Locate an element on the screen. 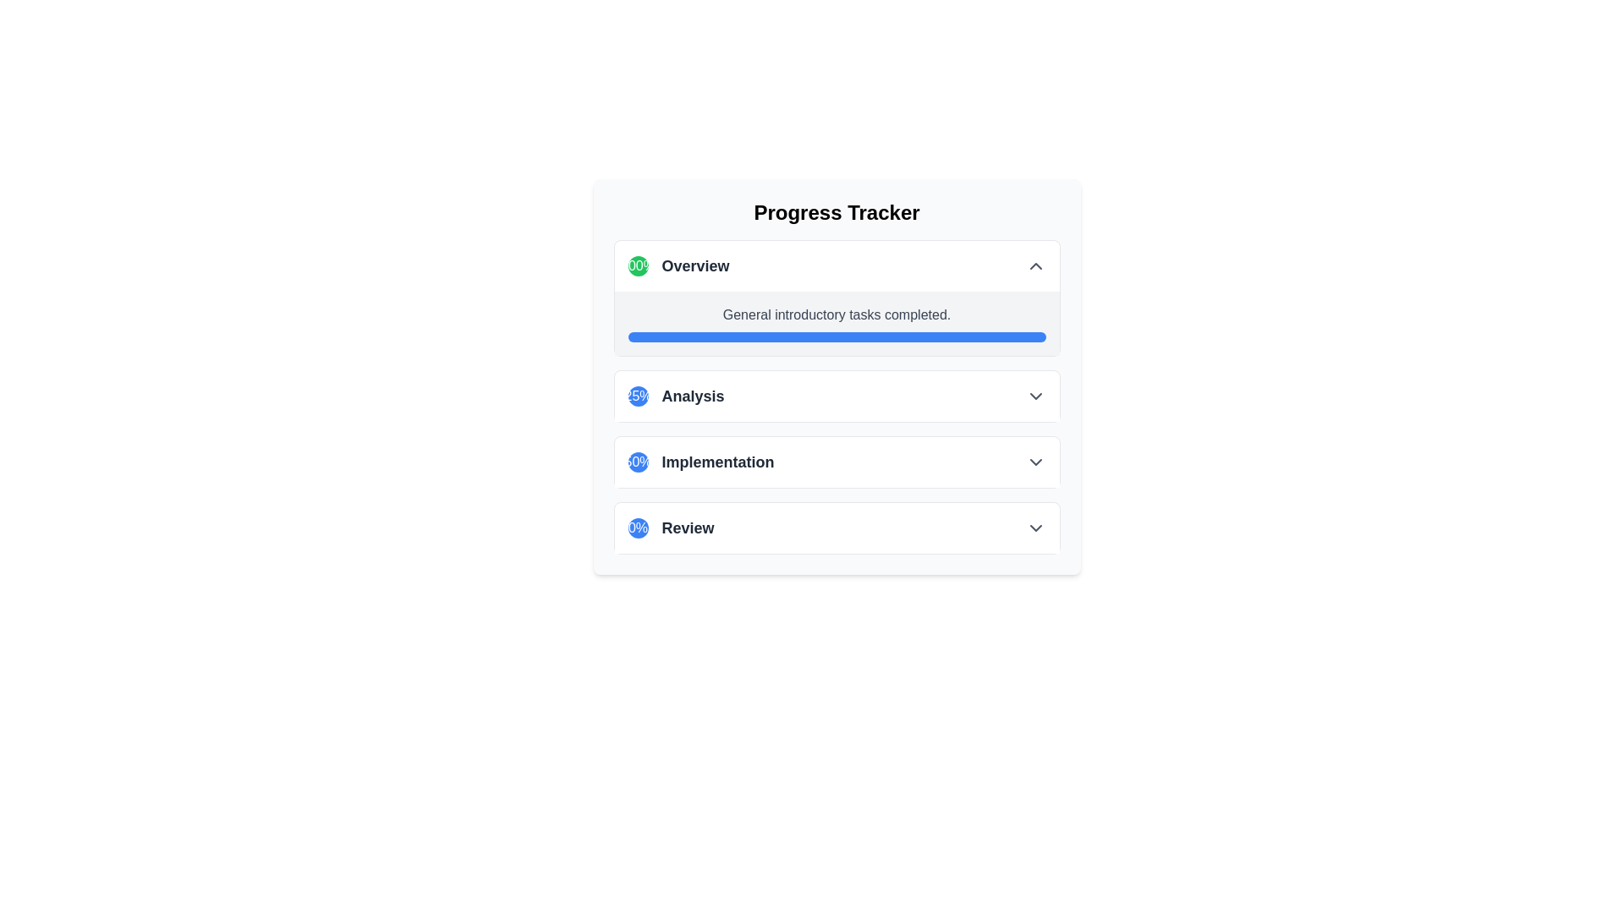  the progress information element displaying '25%' and 'Analysis' within the 'Progress Tracker' card is located at coordinates (675, 396).